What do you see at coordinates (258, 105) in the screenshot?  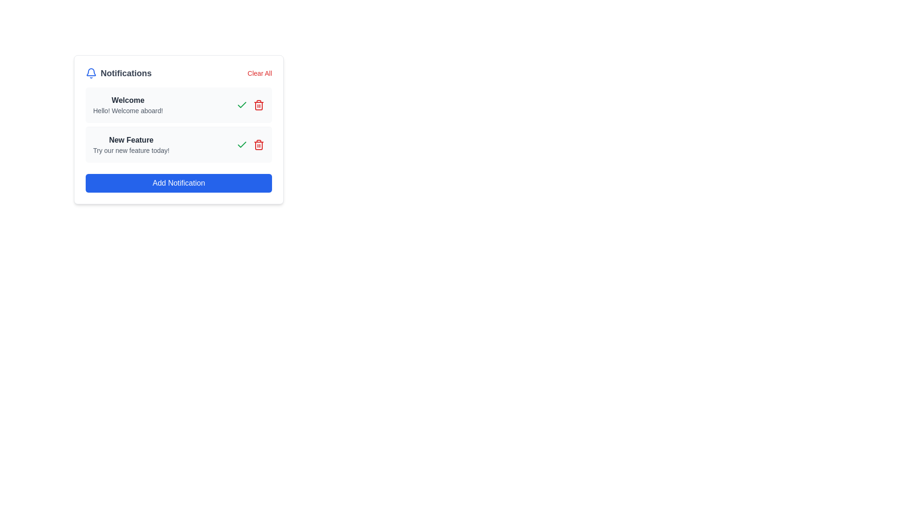 I see `the red trash can icon` at bounding box center [258, 105].